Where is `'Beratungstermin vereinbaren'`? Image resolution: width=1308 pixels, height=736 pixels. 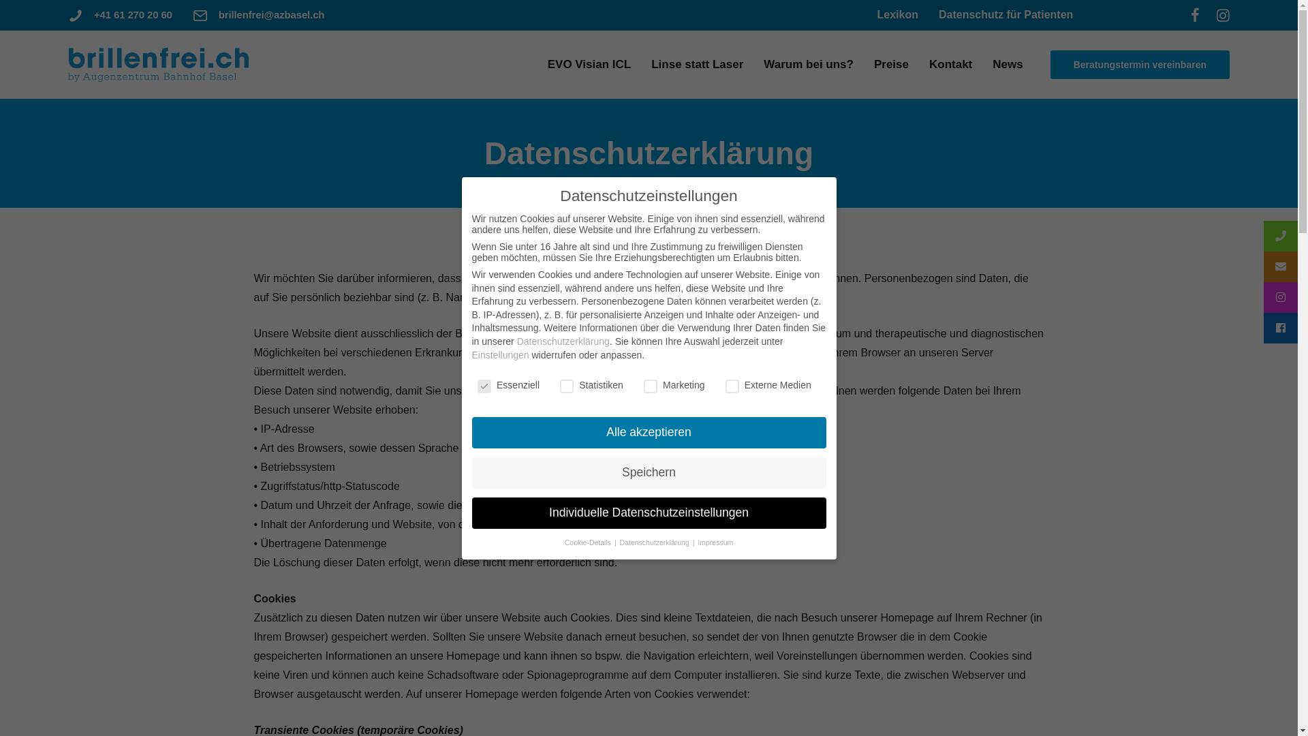
'Beratungstermin vereinbaren' is located at coordinates (1140, 65).